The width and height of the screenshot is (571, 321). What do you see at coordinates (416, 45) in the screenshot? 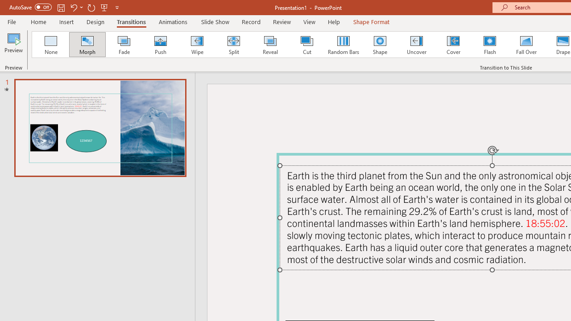
I see `'Uncover'` at bounding box center [416, 45].